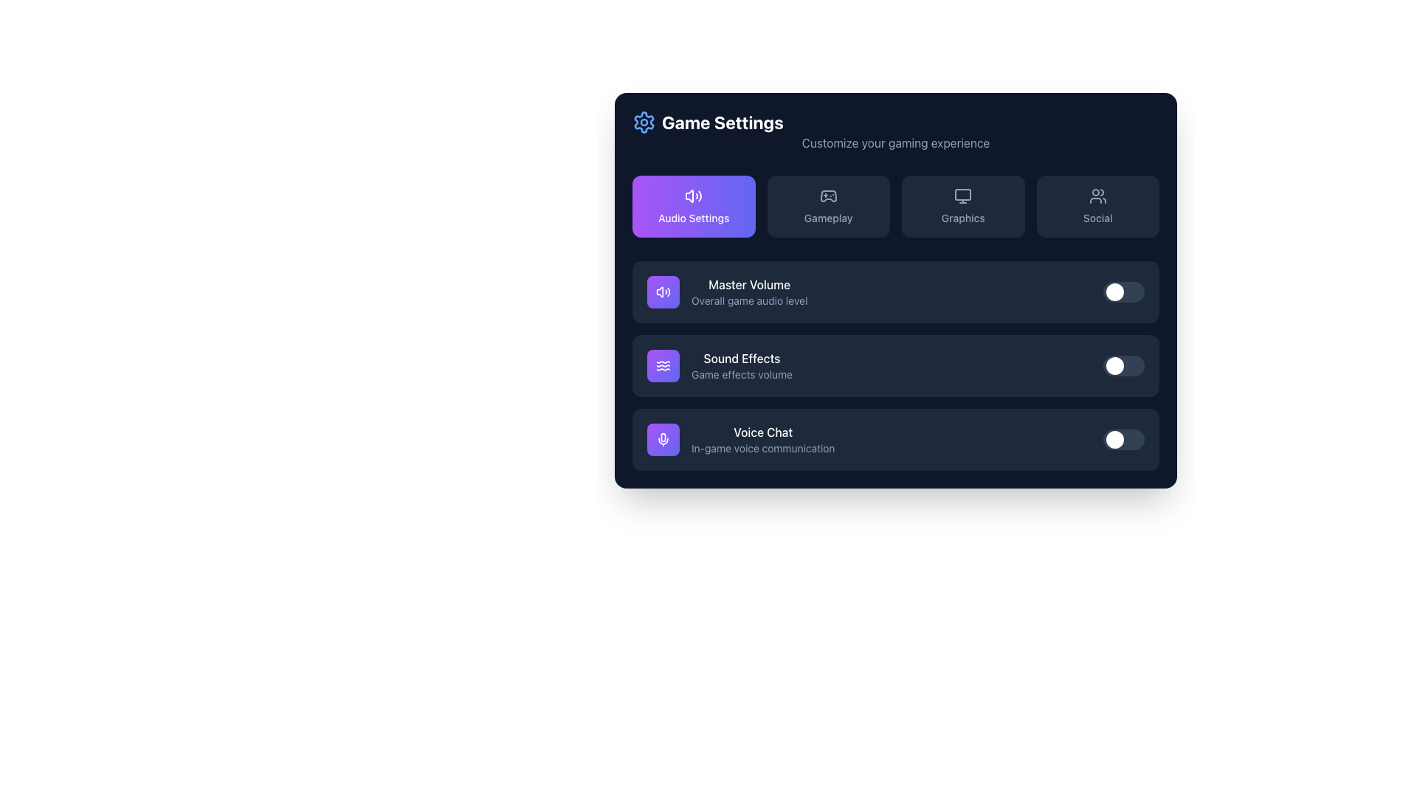 The height and width of the screenshot is (797, 1417). I want to click on the 'Social' label within the navigation button located in the upper-right section of the grouped navigation interface, so click(1097, 218).